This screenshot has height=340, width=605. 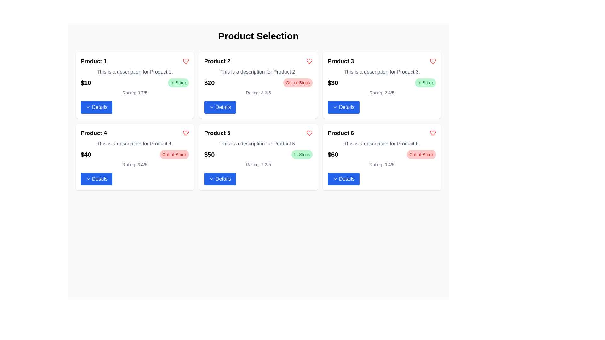 What do you see at coordinates (343, 179) in the screenshot?
I see `the rectangular button with a blue background and white text that reads 'Details', located at the bottom of the card for 'Product 6' in the rightmost column of the second row` at bounding box center [343, 179].